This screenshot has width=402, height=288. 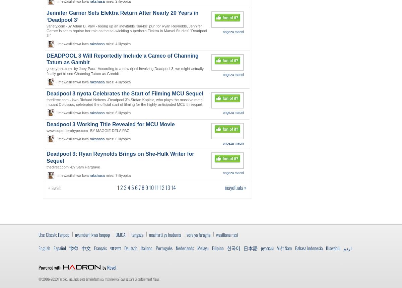 I want to click on '8', so click(x=142, y=188).